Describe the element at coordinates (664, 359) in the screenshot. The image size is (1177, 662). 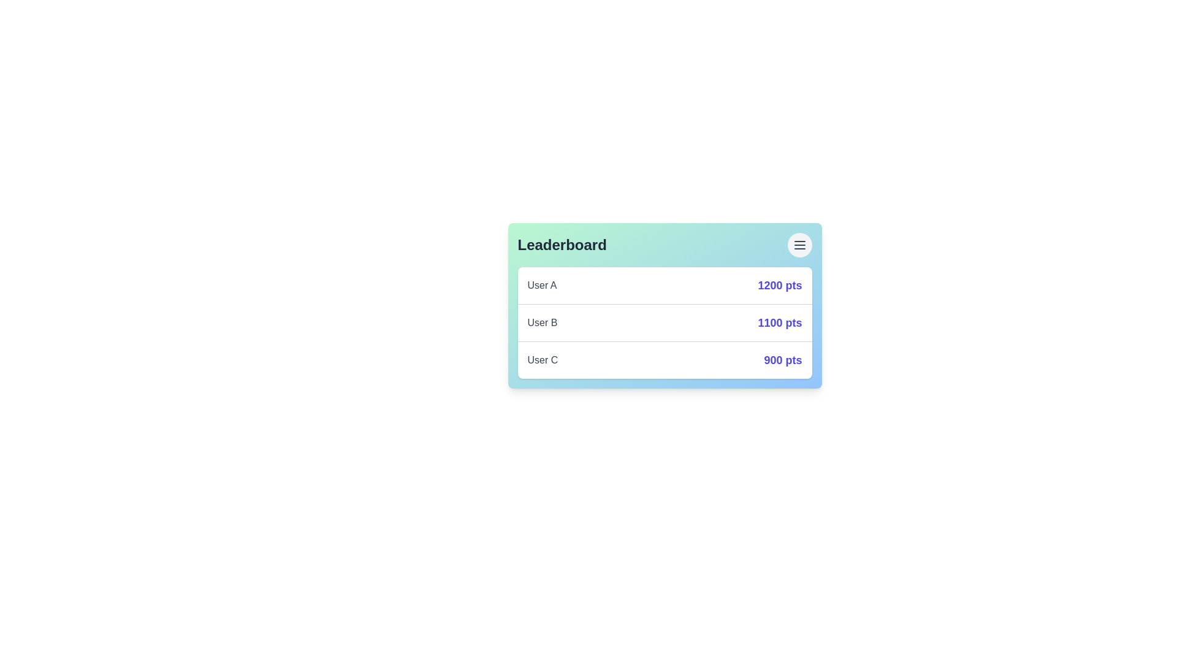
I see `the leaderboard entry of User C` at that location.